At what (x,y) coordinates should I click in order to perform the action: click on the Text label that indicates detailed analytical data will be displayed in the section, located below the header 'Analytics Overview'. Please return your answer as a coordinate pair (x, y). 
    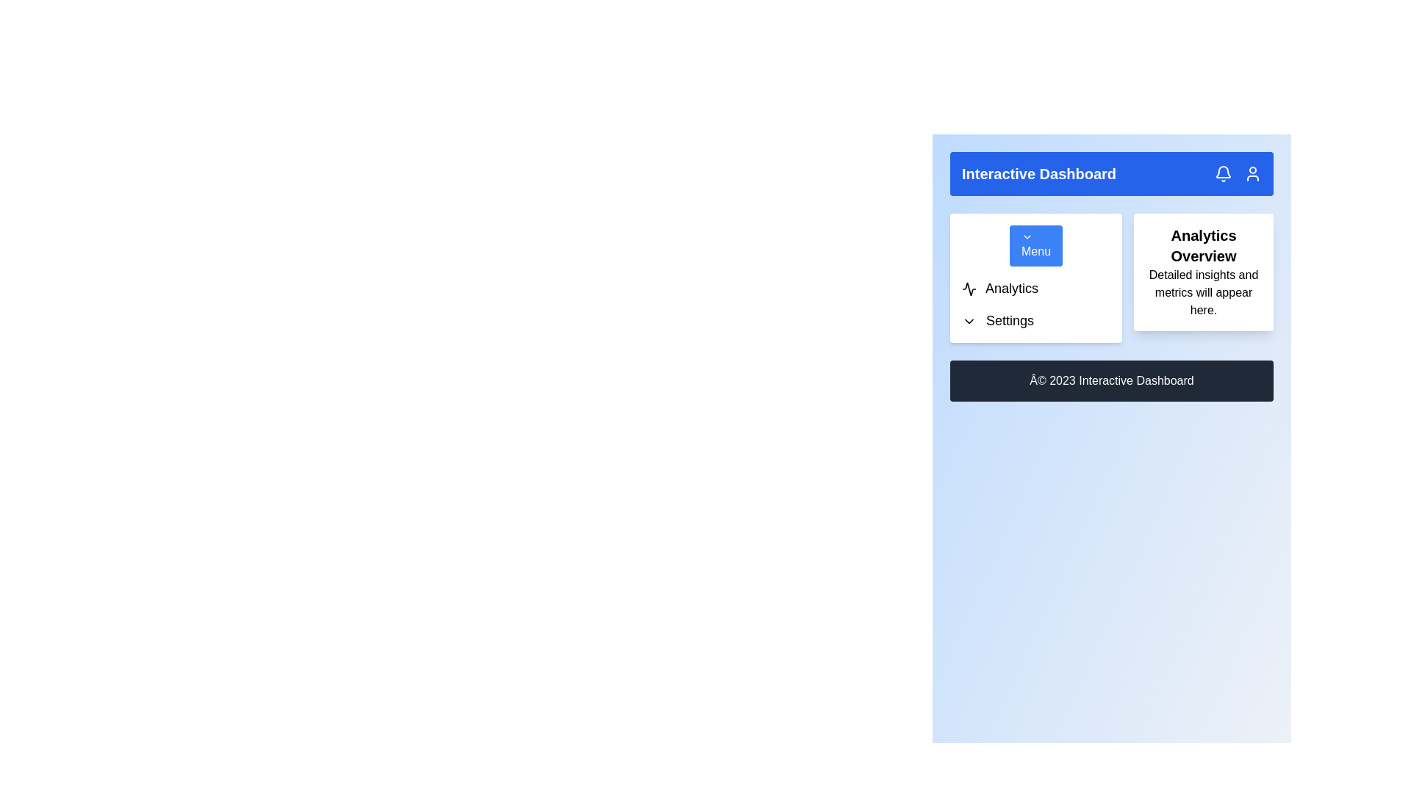
    Looking at the image, I should click on (1204, 292).